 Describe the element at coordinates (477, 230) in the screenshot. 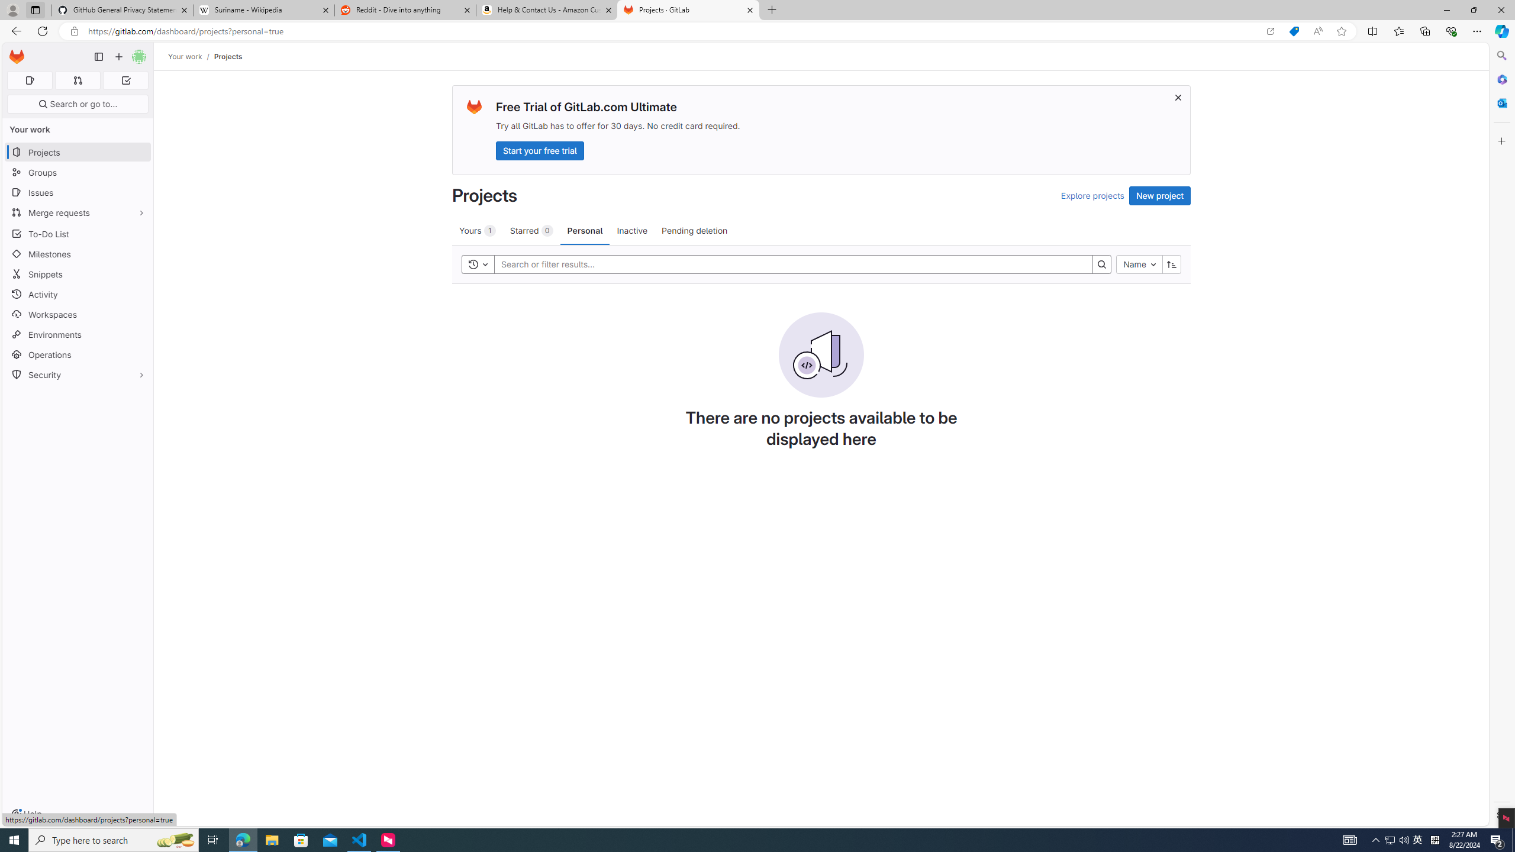

I see `'Yours 1'` at that location.